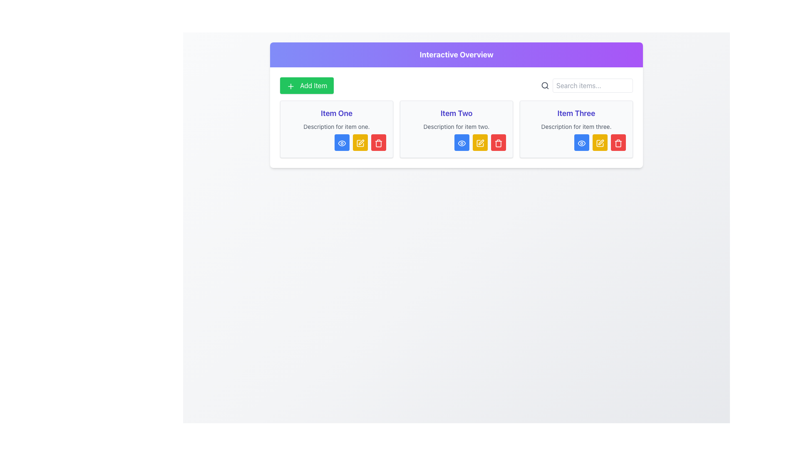 The height and width of the screenshot is (449, 799). I want to click on the delete button located in the bottom right corner of the card labeled 'Item Three', so click(618, 142).